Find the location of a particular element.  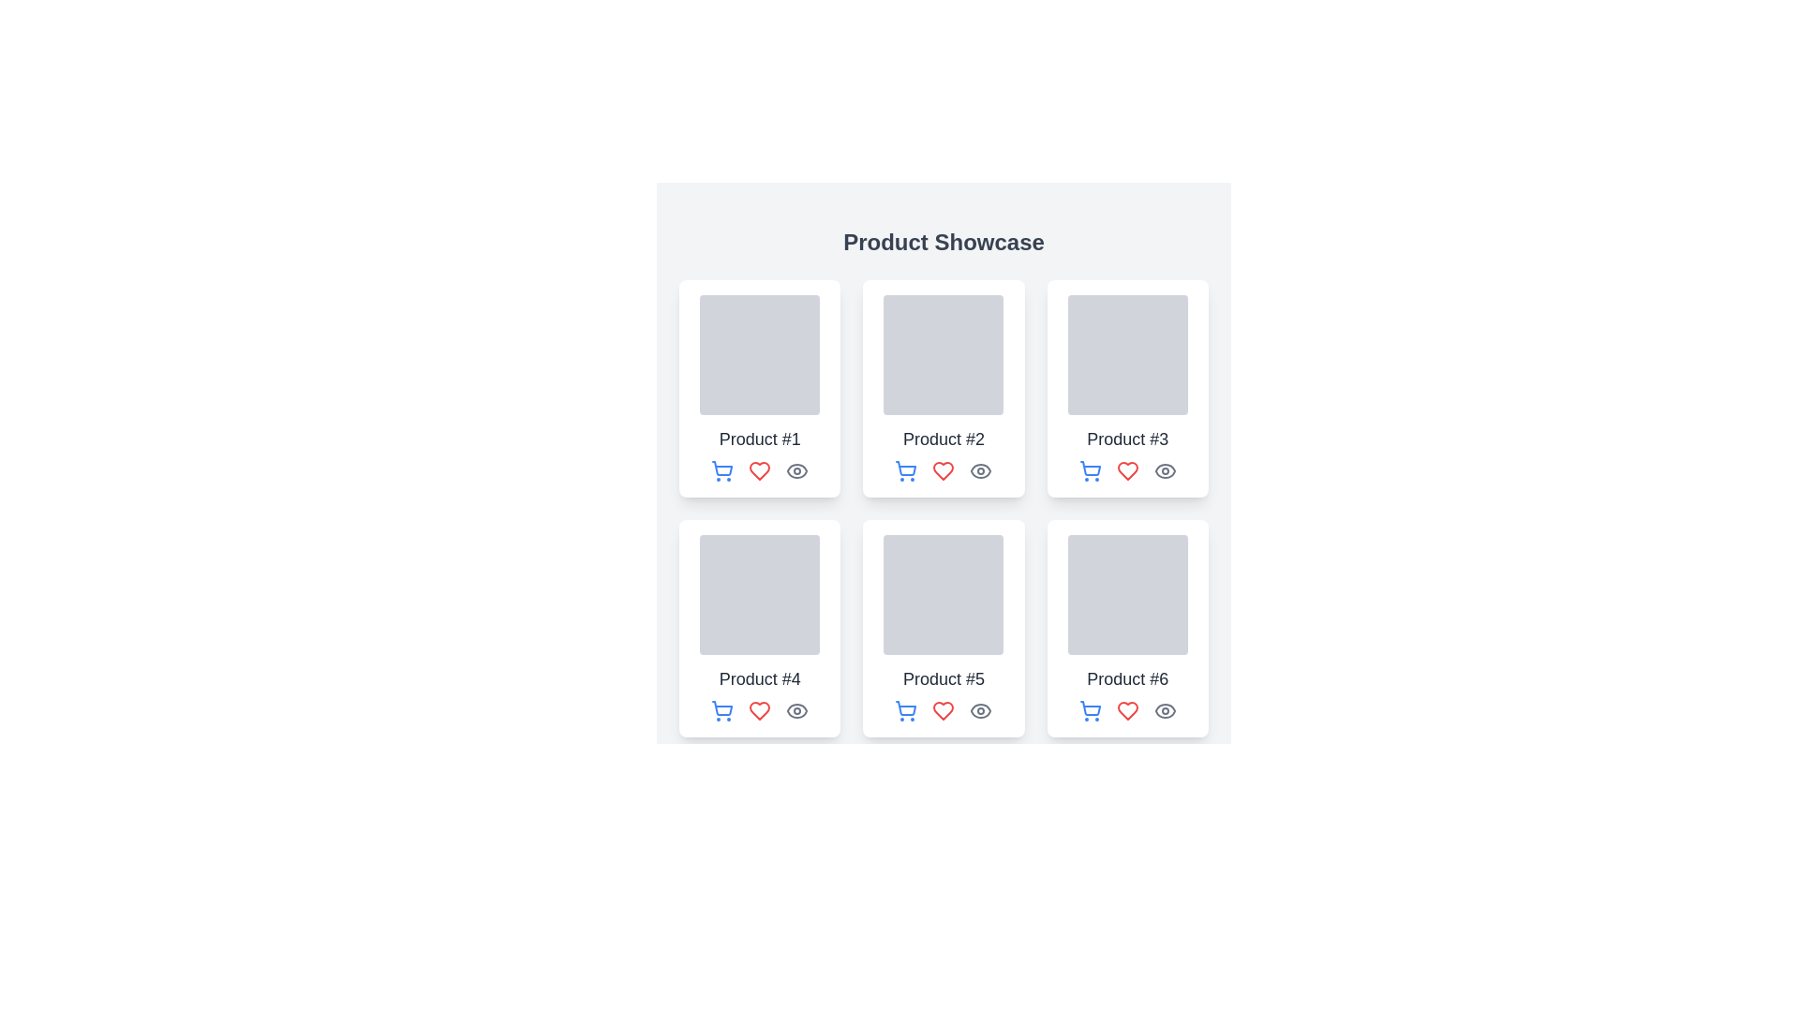

text 'Product #6' displayed in the bottom-right panel of the product cards grid, specifically in the third column and second row, below the image placeholder is located at coordinates (1126, 679).